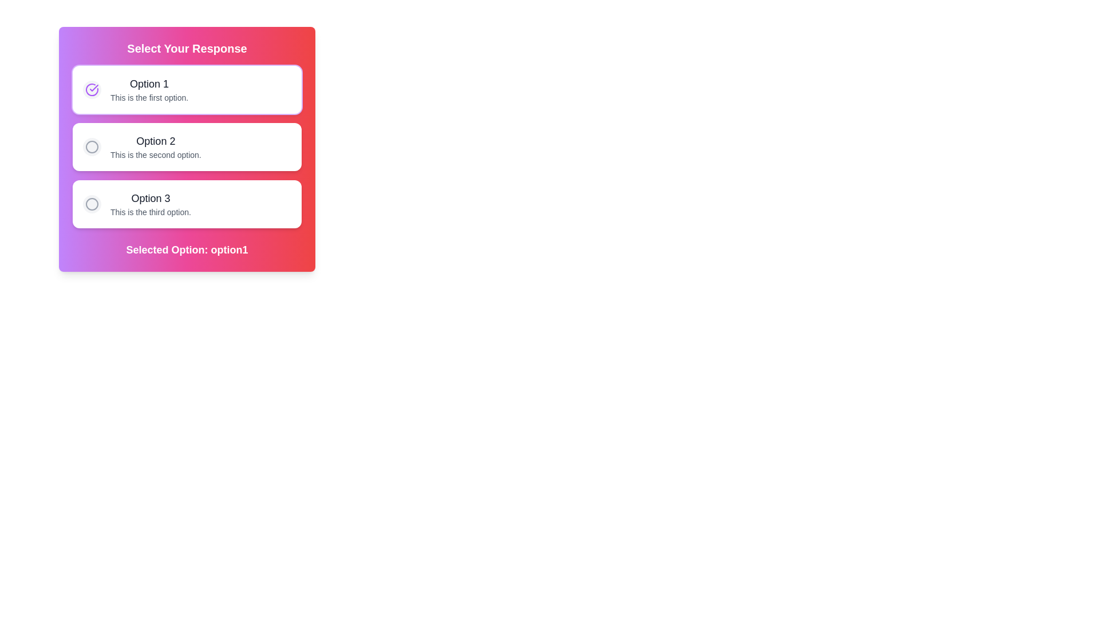 The height and width of the screenshot is (618, 1099). I want to click on the radio button indicator for Option 3, which is located on the left side of the block and aligns vertically with the option's text, so click(92, 204).